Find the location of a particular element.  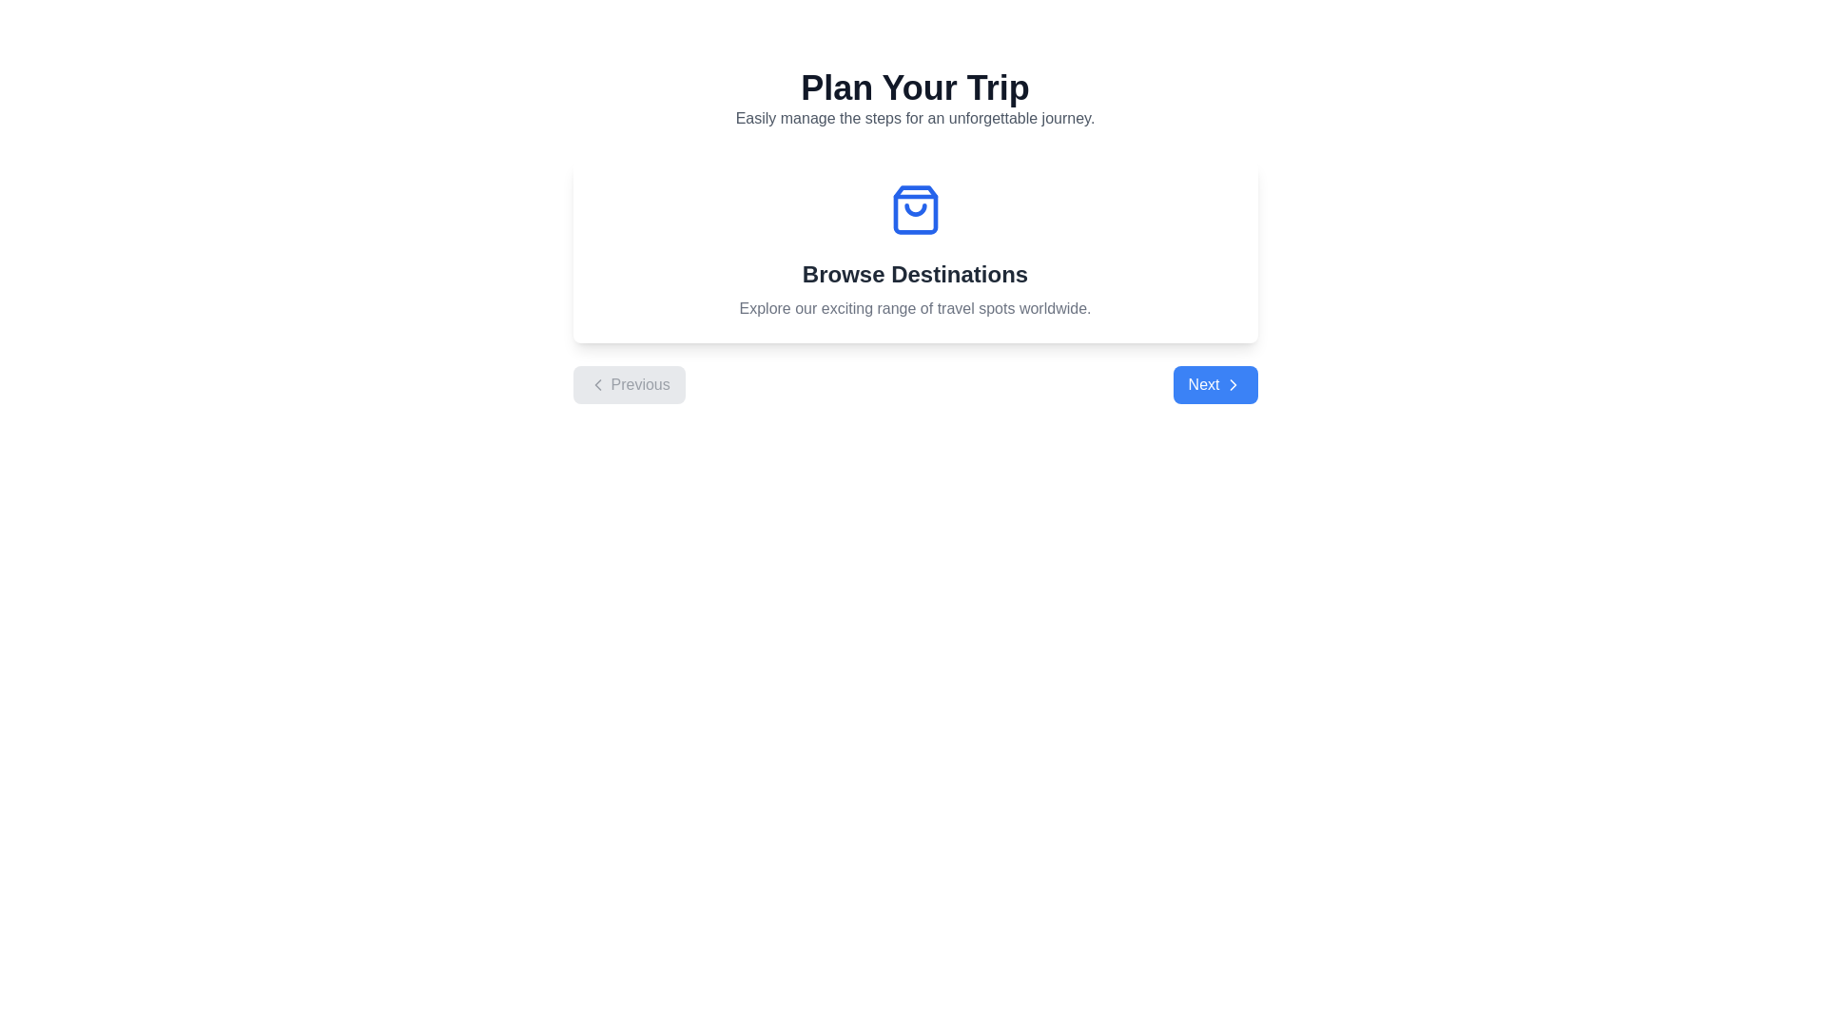

text header displaying 'Browse Destinations' which is centrally aligned below a shopping bag icon and above the subtitle 'Explore our exciting range of travel spots worldwide' is located at coordinates (915, 275).